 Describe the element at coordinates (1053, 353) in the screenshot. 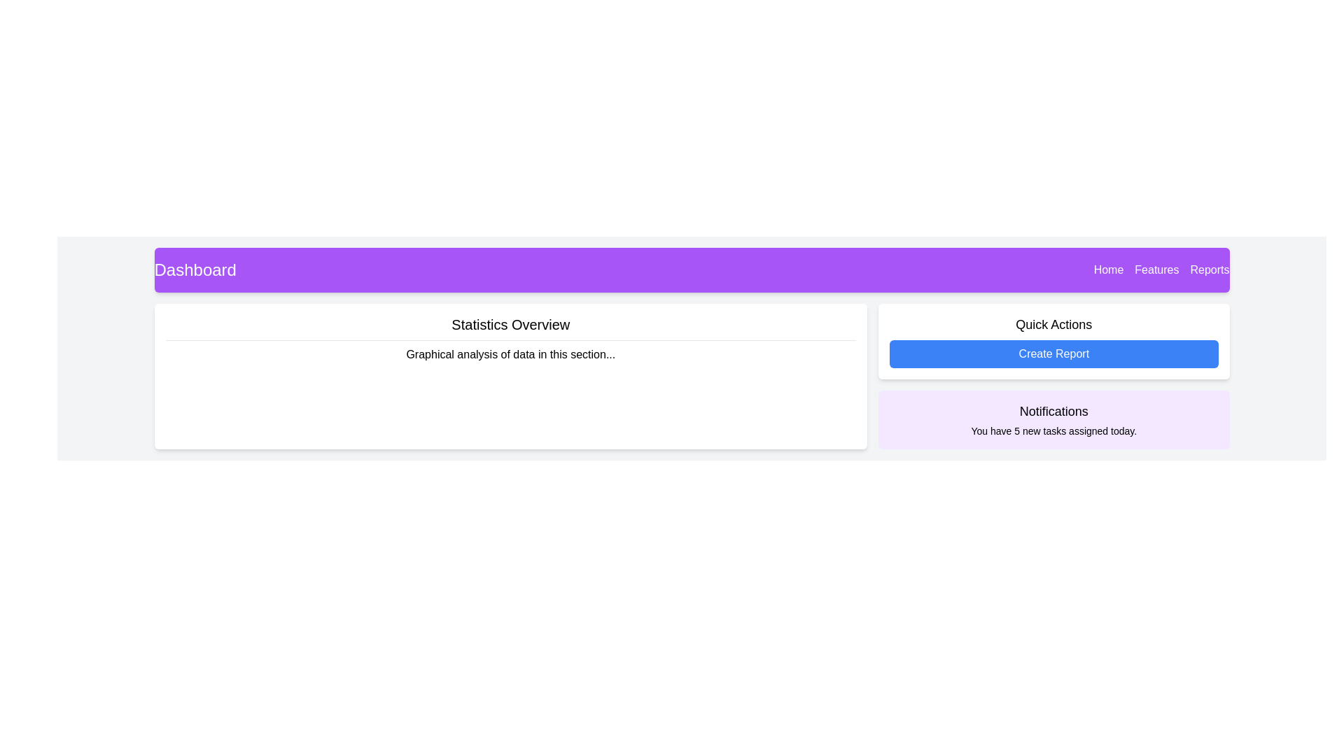

I see `the 'Create Report' button with a blue background and white text located in the 'Quick Actions' section` at that location.